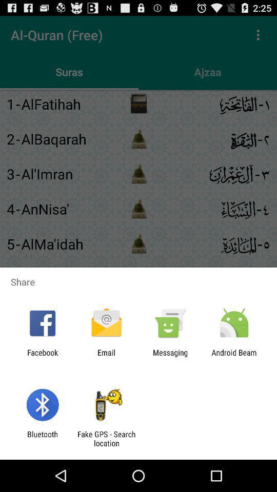  I want to click on app to the right of the email item, so click(170, 357).